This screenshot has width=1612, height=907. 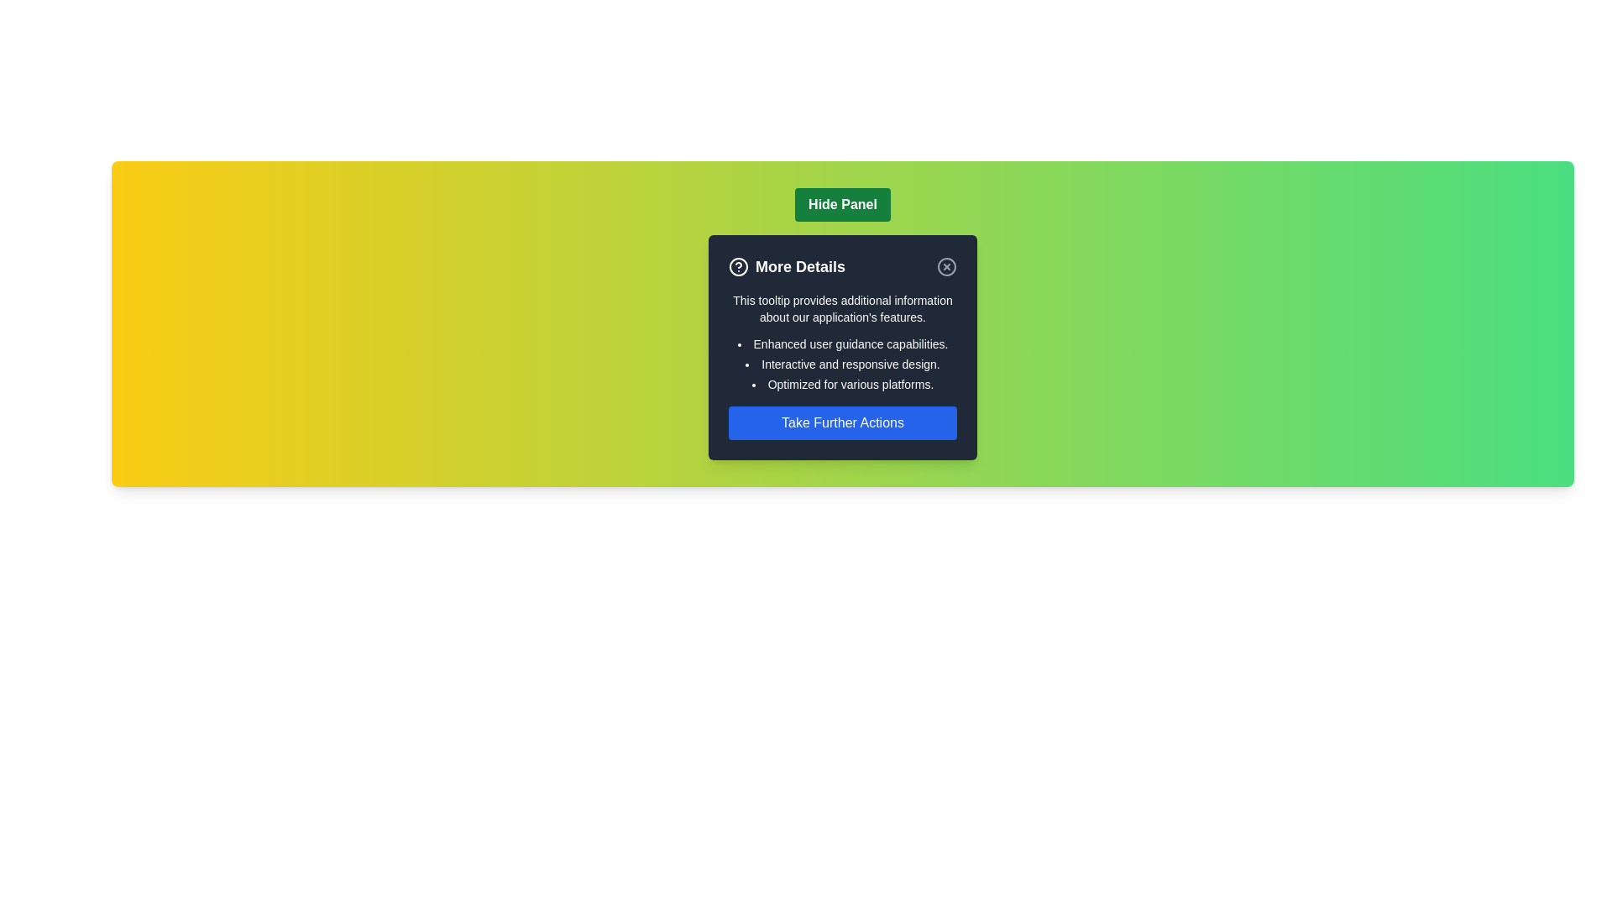 I want to click on the icon button located to the right of the 'More Details' title text, so click(x=947, y=265).